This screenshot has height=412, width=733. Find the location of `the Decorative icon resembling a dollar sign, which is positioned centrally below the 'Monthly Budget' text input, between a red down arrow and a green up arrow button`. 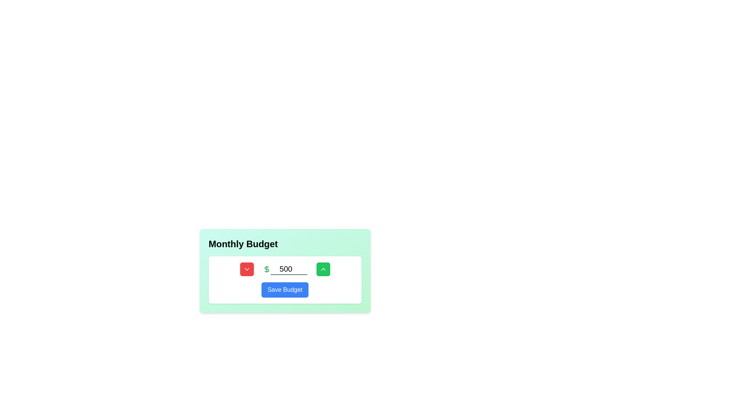

the Decorative icon resembling a dollar sign, which is positioned centrally below the 'Monthly Budget' text input, between a red down arrow and a green up arrow button is located at coordinates (266, 269).